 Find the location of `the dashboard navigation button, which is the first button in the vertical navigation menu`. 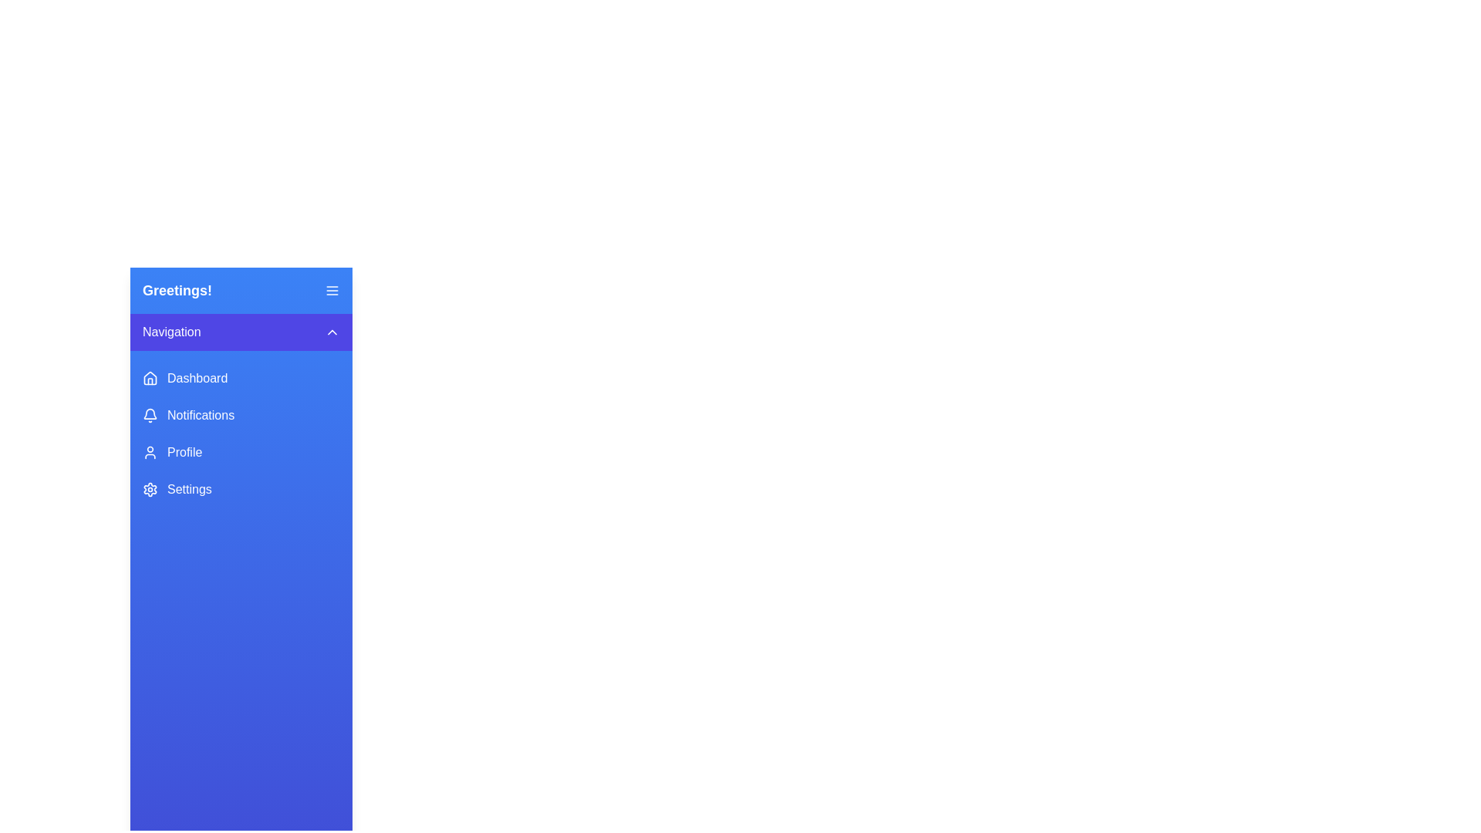

the dashboard navigation button, which is the first button in the vertical navigation menu is located at coordinates (240, 378).